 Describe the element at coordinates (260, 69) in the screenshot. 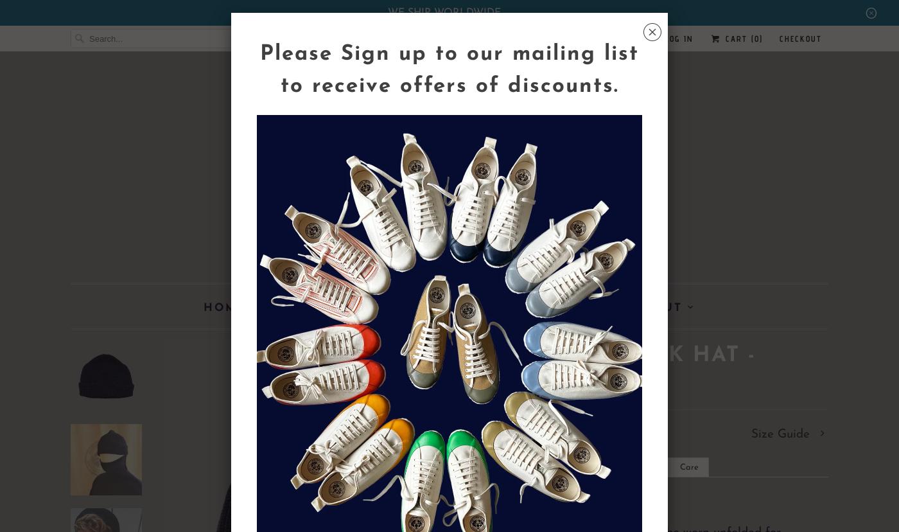

I see `'Please Sign up to our mailing list to receive offers of discounts.'` at that location.